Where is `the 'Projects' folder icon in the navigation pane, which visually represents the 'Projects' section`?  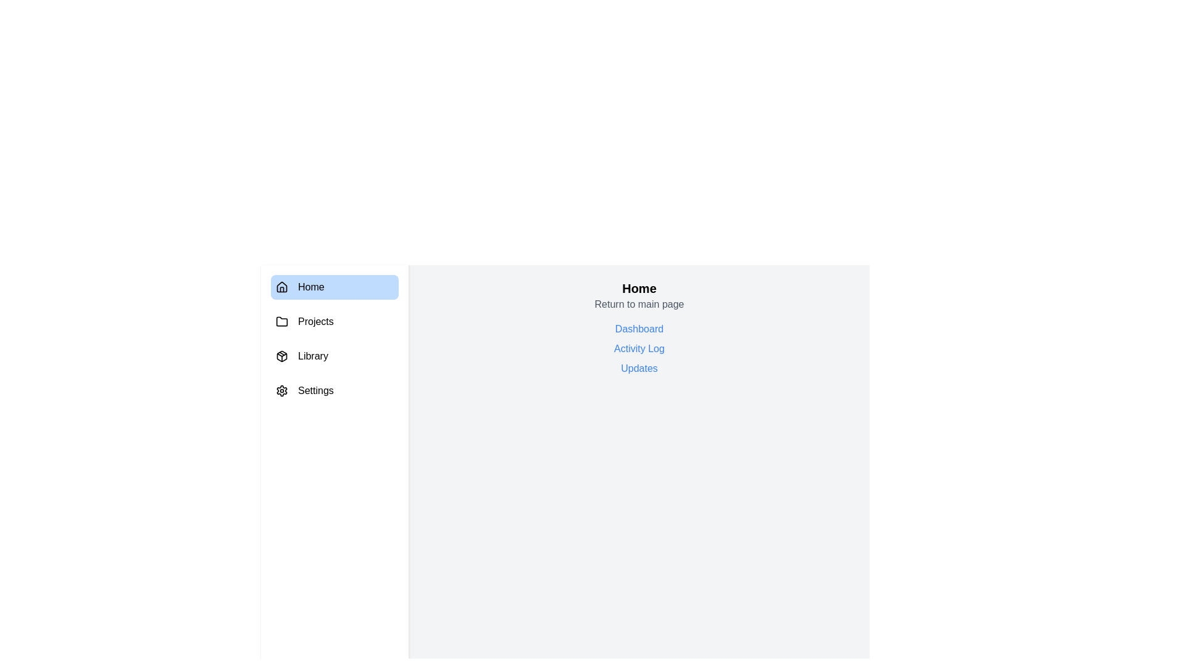 the 'Projects' folder icon in the navigation pane, which visually represents the 'Projects' section is located at coordinates (281, 321).